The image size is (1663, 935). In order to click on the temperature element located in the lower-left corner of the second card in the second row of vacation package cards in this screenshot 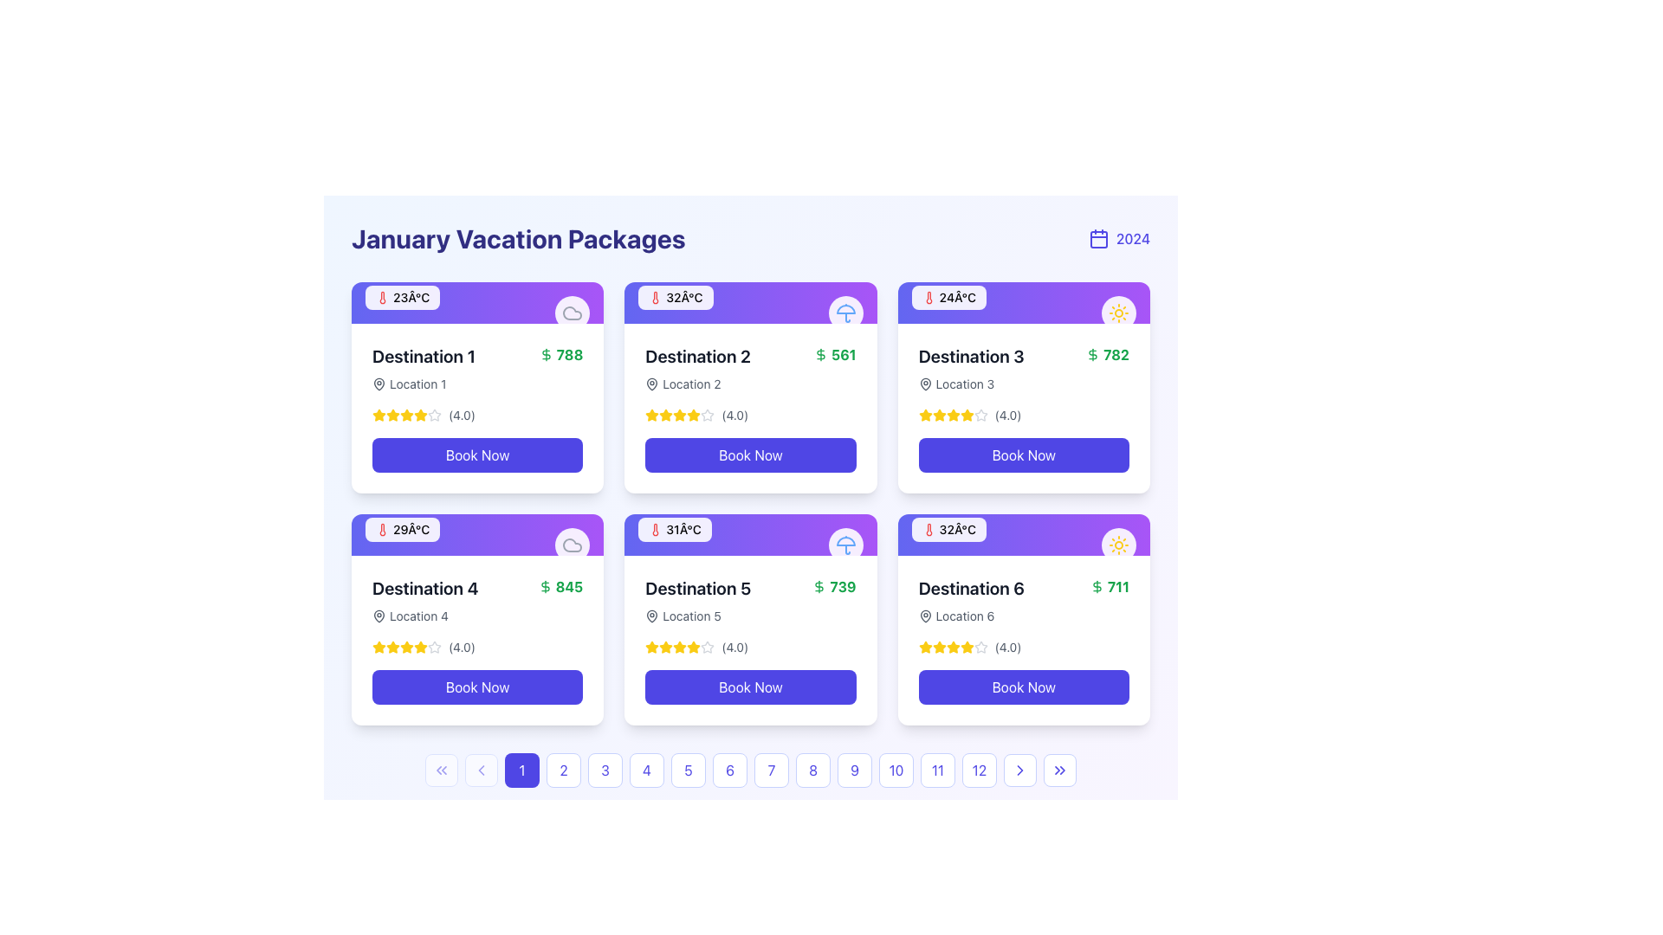, I will do `click(674, 529)`.